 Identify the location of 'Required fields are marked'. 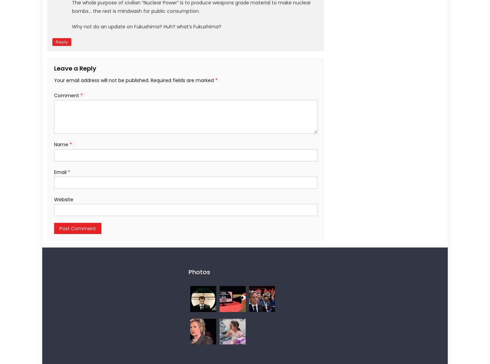
(183, 80).